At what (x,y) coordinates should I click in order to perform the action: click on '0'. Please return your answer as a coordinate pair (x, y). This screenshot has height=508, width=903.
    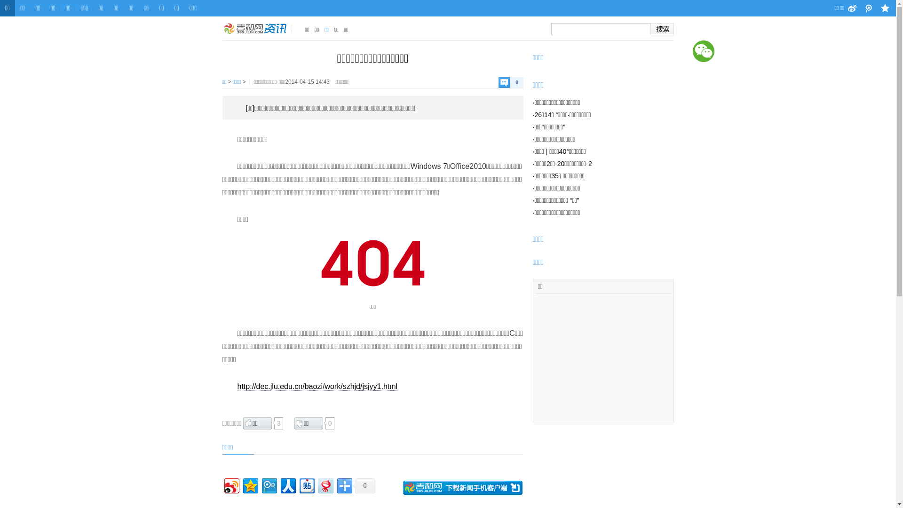
    Looking at the image, I should click on (498, 82).